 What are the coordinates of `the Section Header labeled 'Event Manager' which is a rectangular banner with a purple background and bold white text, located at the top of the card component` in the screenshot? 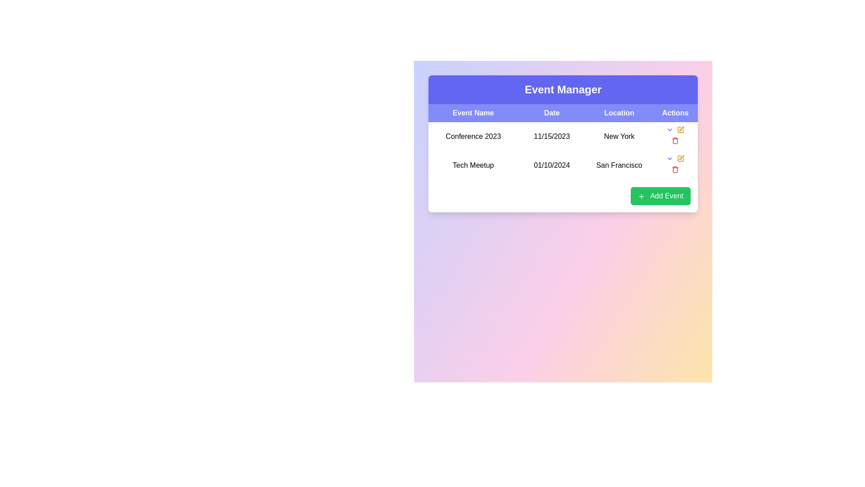 It's located at (562, 90).